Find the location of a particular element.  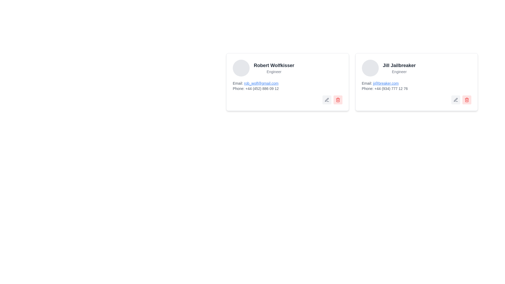

the delete button with an icon located at the bottom right corner of the rightmost card is located at coordinates (467, 100).